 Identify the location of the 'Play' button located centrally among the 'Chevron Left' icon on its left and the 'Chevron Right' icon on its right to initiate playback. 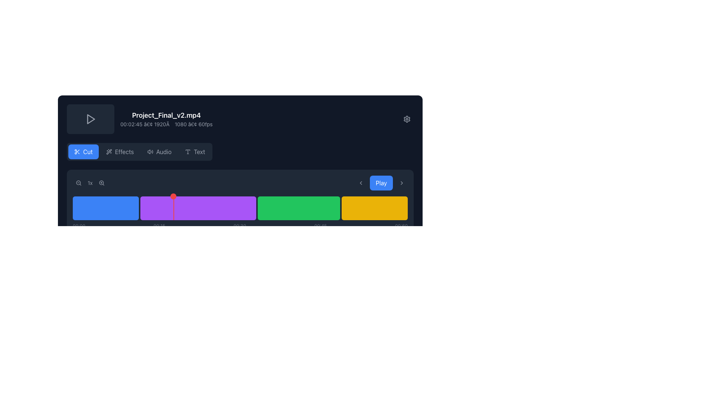
(381, 183).